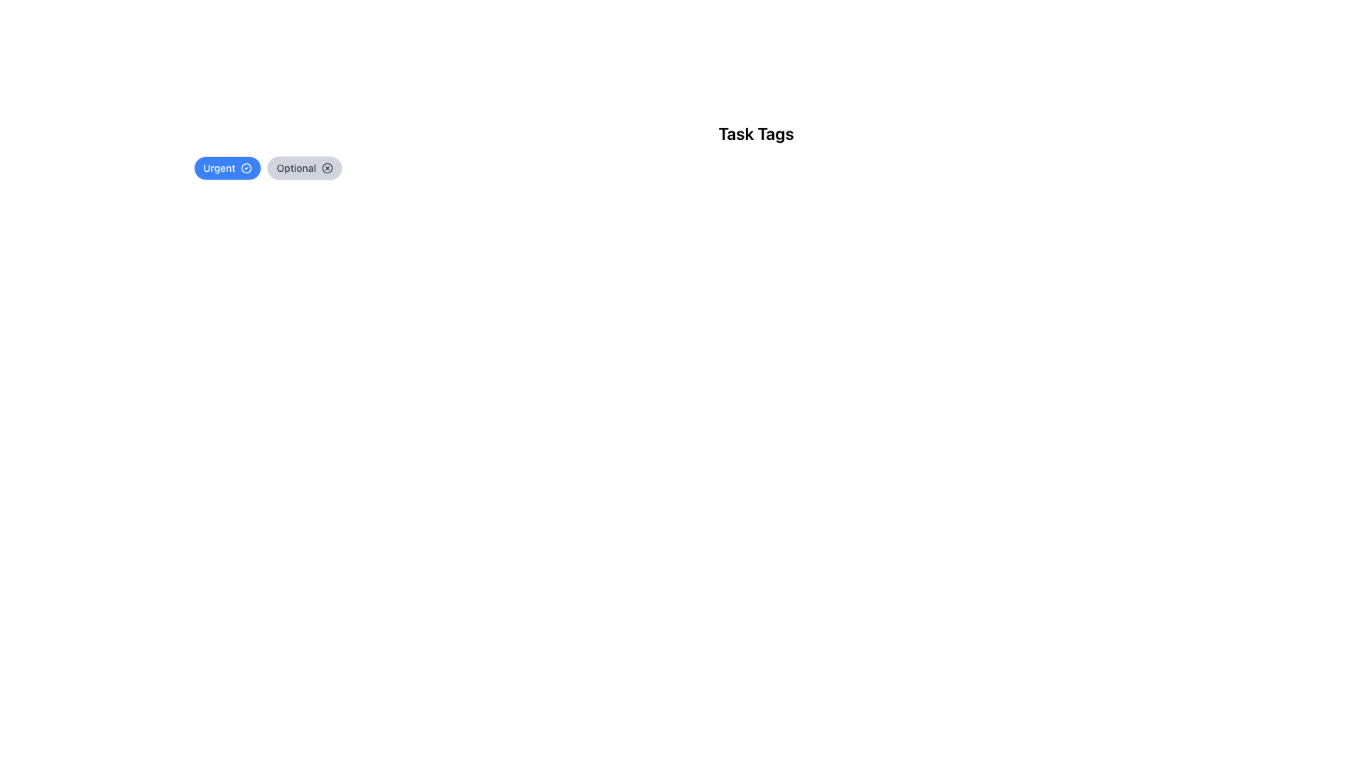 The width and height of the screenshot is (1364, 767). Describe the element at coordinates (327, 167) in the screenshot. I see `on the small circular icon button with a cross mark inside, located` at that location.